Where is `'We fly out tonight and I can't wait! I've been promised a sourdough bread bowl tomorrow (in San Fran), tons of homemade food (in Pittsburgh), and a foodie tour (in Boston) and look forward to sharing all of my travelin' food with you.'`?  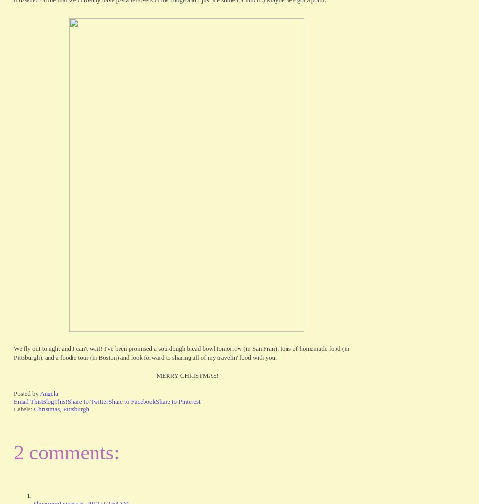 'We fly out tonight and I can't wait! I've been promised a sourdough bread bowl tomorrow (in San Fran), tons of homemade food (in Pittsburgh), and a foodie tour (in Boston) and look forward to sharing all of my travelin' food with you.' is located at coordinates (181, 352).